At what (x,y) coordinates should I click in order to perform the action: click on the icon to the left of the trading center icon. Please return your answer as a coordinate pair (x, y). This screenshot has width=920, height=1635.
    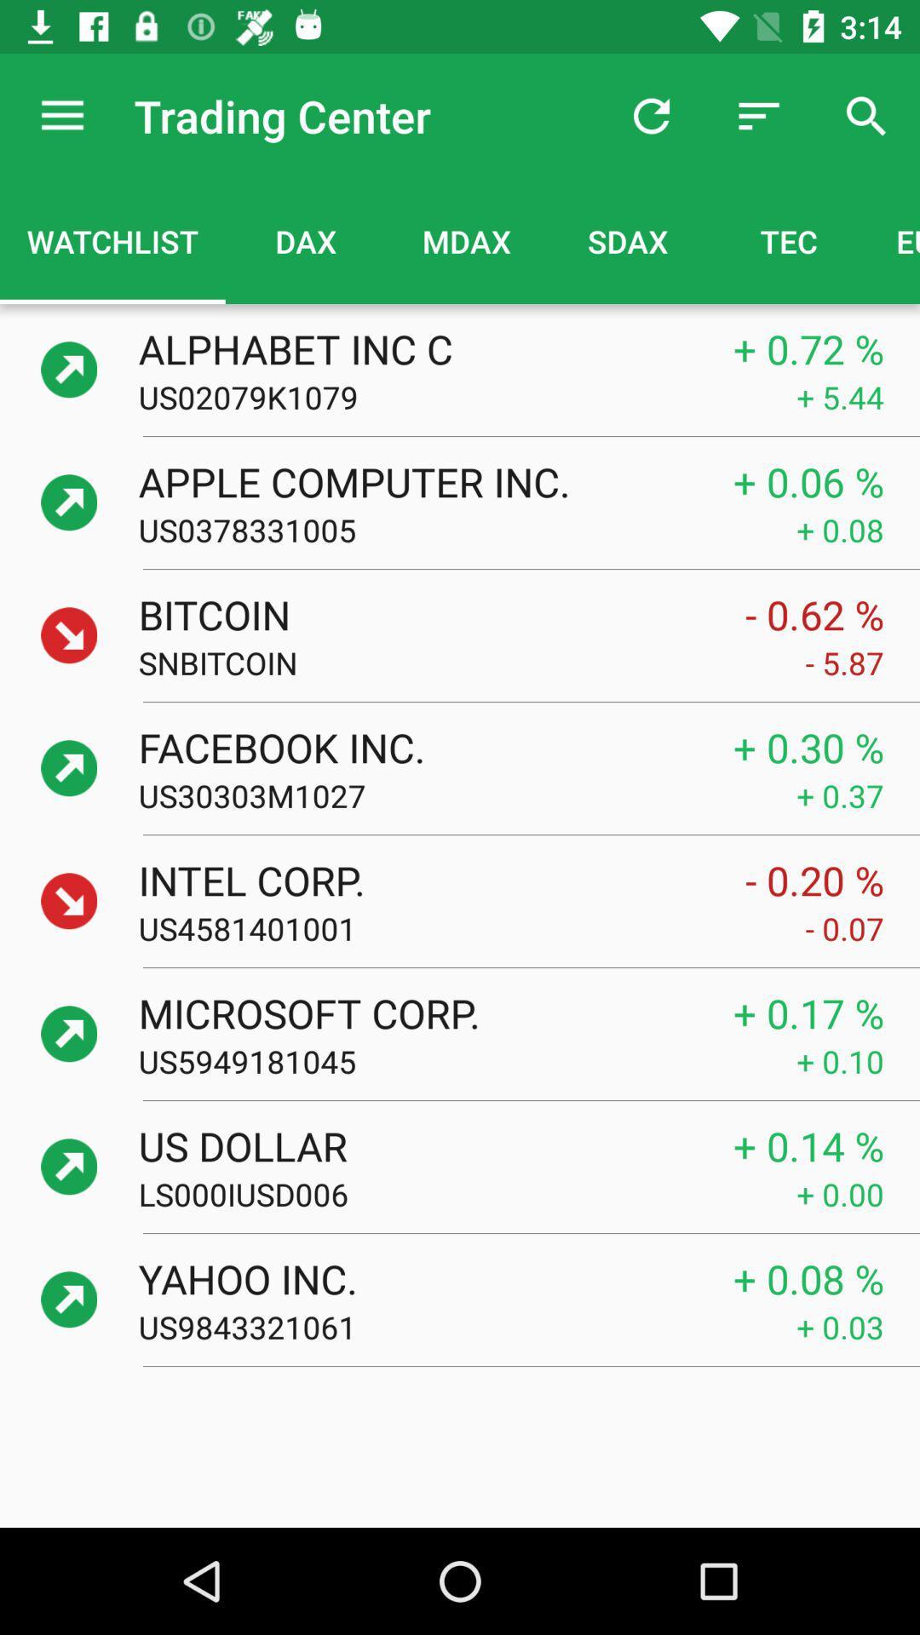
    Looking at the image, I should click on (61, 115).